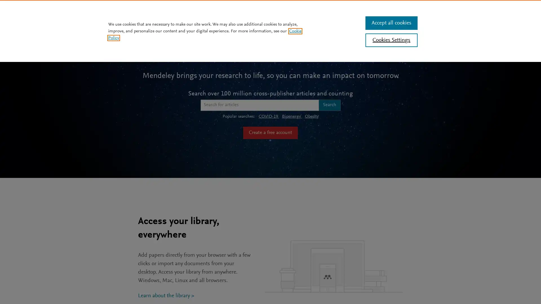 This screenshot has height=304, width=541. Describe the element at coordinates (391, 23) in the screenshot. I see `Accept all cookies` at that location.